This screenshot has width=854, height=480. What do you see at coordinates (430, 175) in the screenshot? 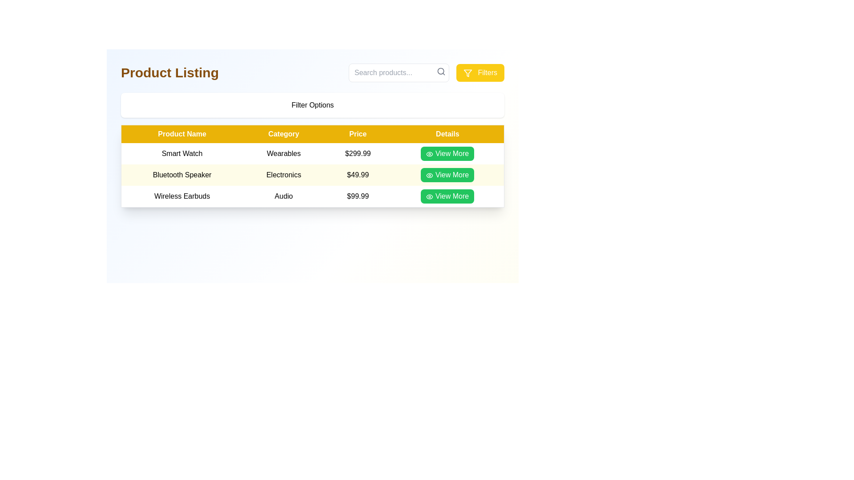
I see `the view icon located inside the 'View More' button in the 'Electronics' row of the 'Details' column` at bounding box center [430, 175].